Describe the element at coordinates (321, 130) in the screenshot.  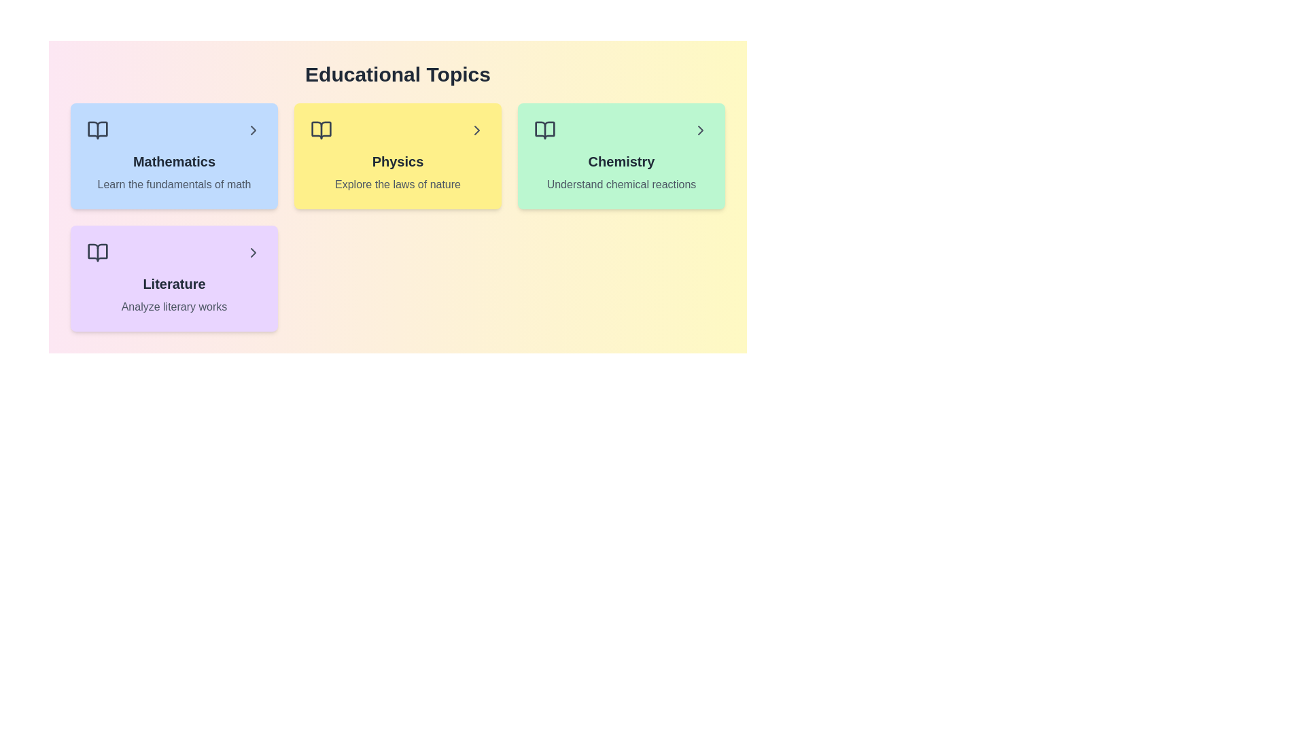
I see `the icon associated with the topic Physics` at that location.